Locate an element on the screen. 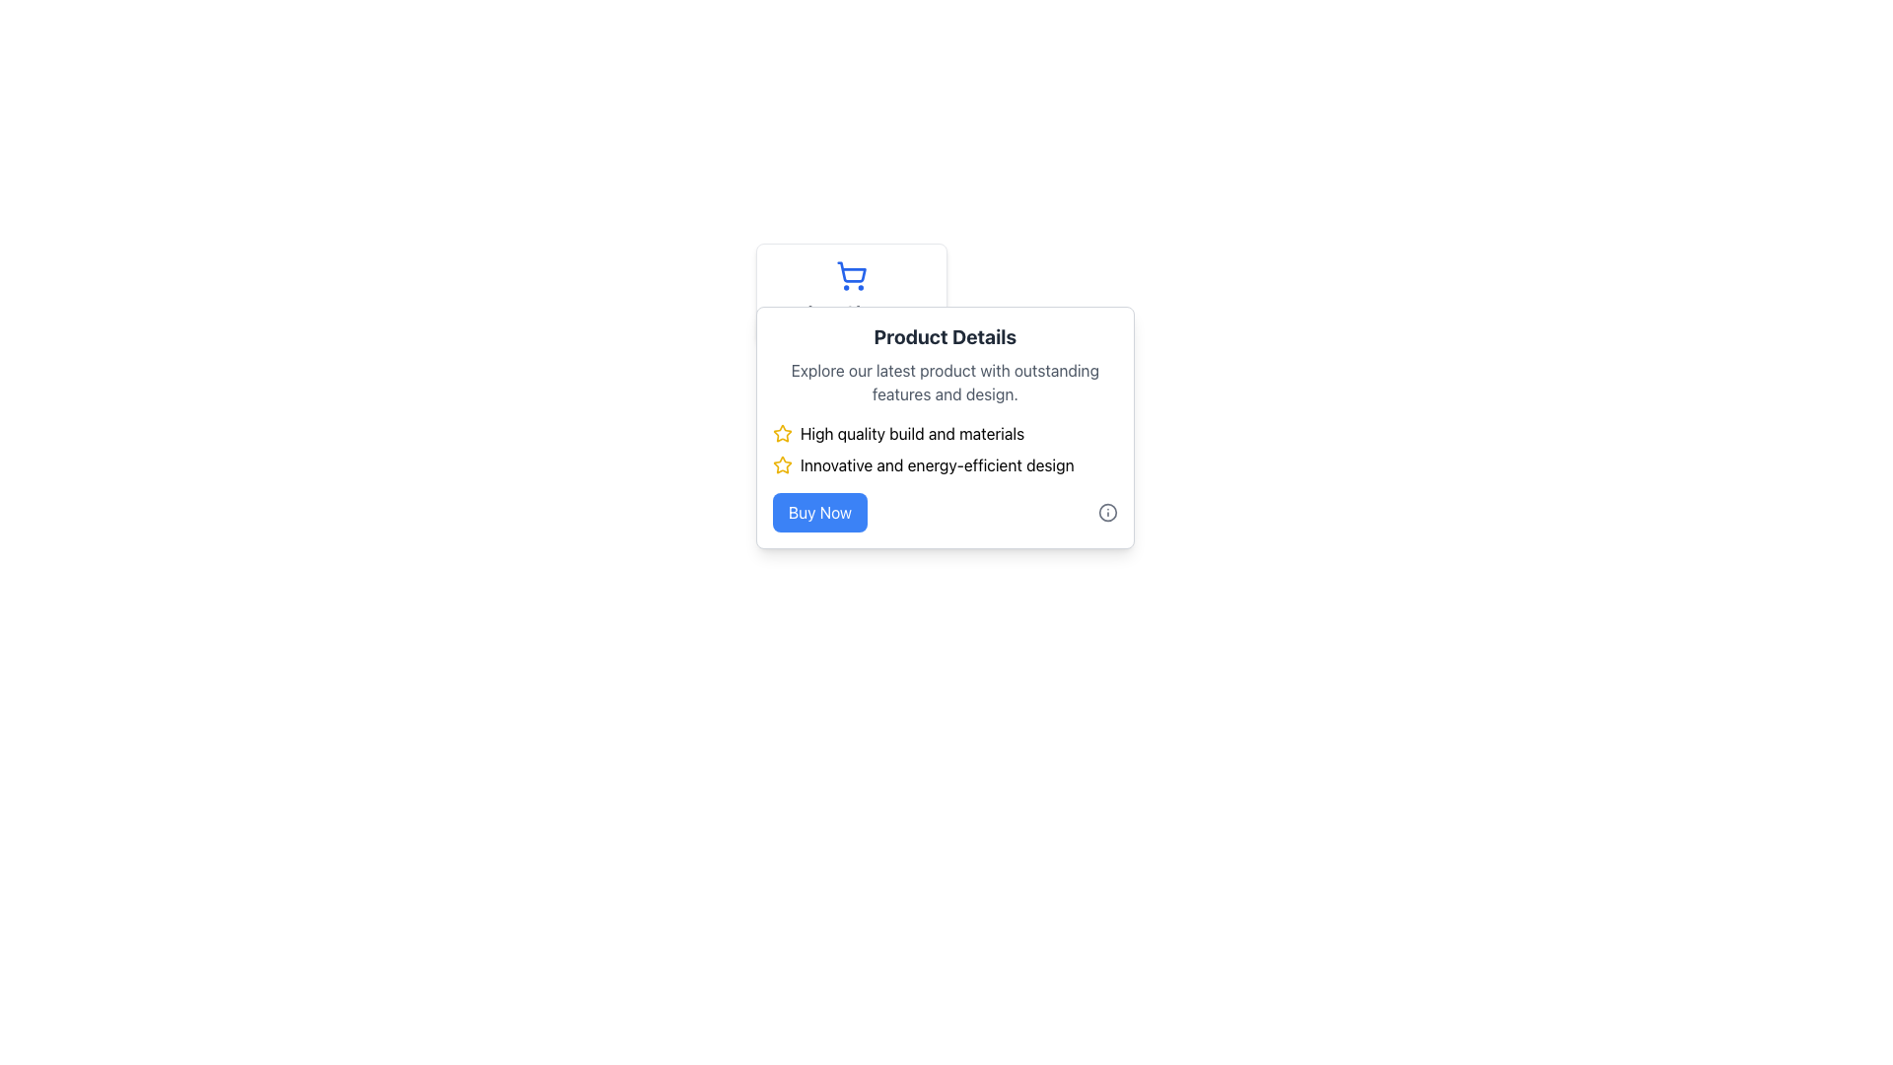  the static text block that introduces the product, located below the title 'Product Details' and above the list of product highlights is located at coordinates (944, 383).